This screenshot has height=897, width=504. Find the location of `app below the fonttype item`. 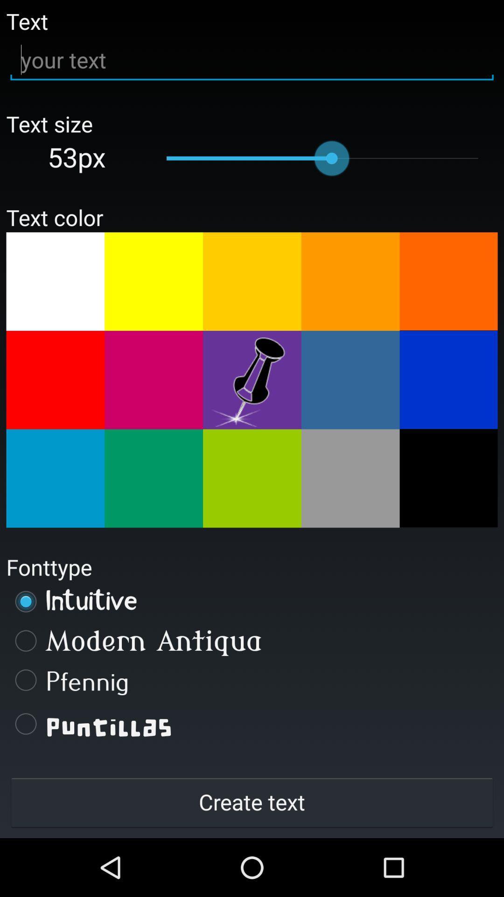

app below the fonttype item is located at coordinates (252, 601).